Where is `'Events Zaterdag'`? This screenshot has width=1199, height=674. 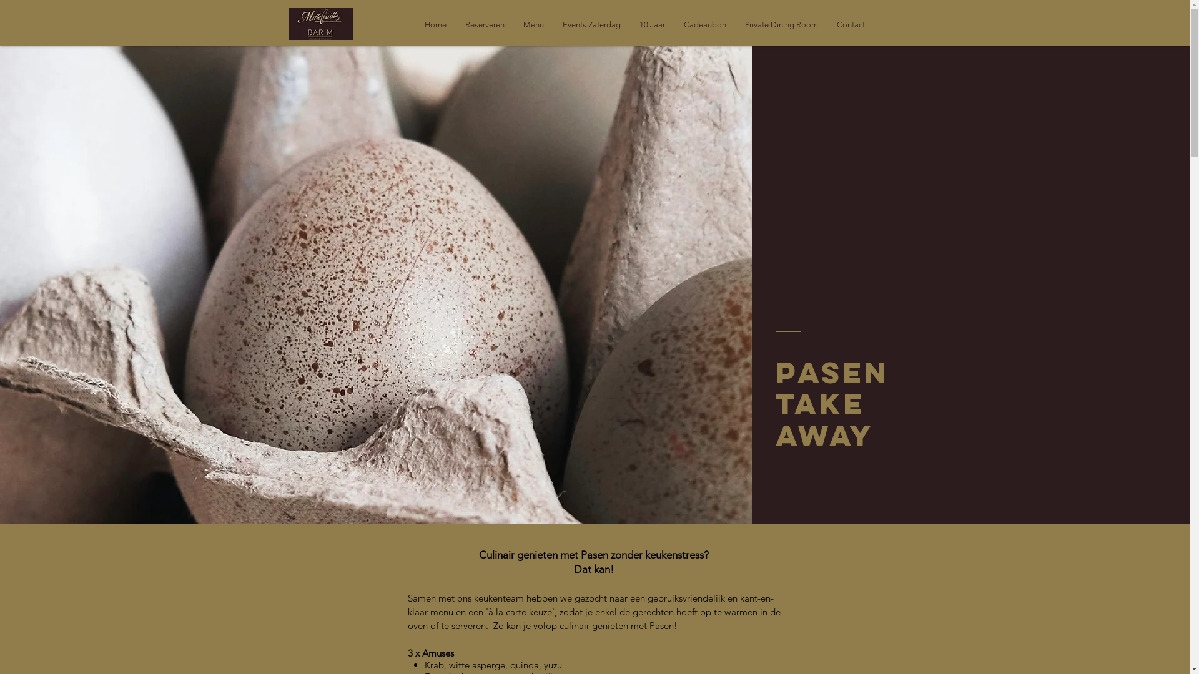
'Events Zaterdag' is located at coordinates (591, 24).